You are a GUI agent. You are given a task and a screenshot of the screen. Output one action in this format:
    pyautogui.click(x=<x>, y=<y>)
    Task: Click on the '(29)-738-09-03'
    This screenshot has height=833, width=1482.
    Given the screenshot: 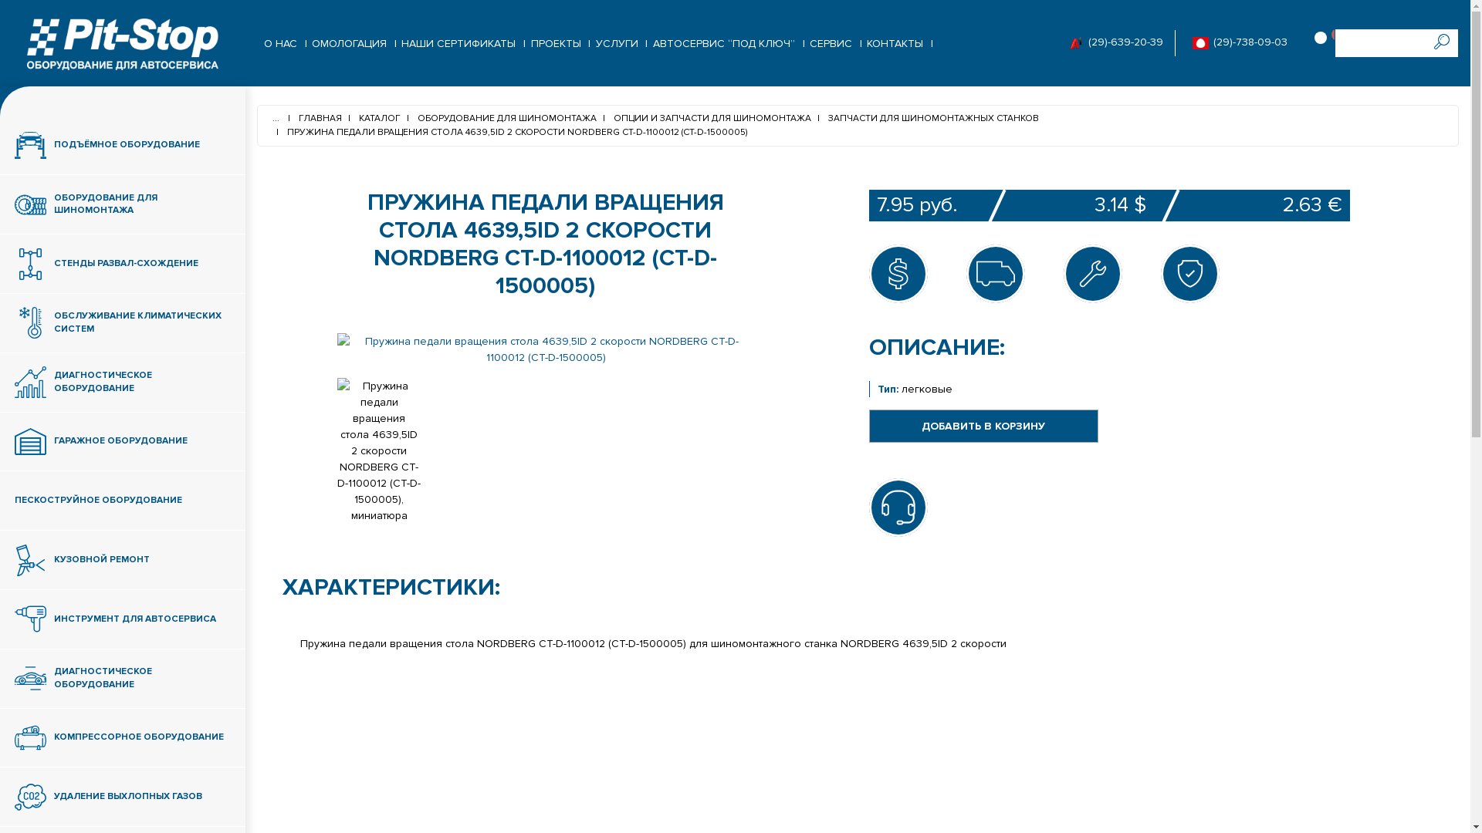 What is the action you would take?
    pyautogui.click(x=1248, y=42)
    